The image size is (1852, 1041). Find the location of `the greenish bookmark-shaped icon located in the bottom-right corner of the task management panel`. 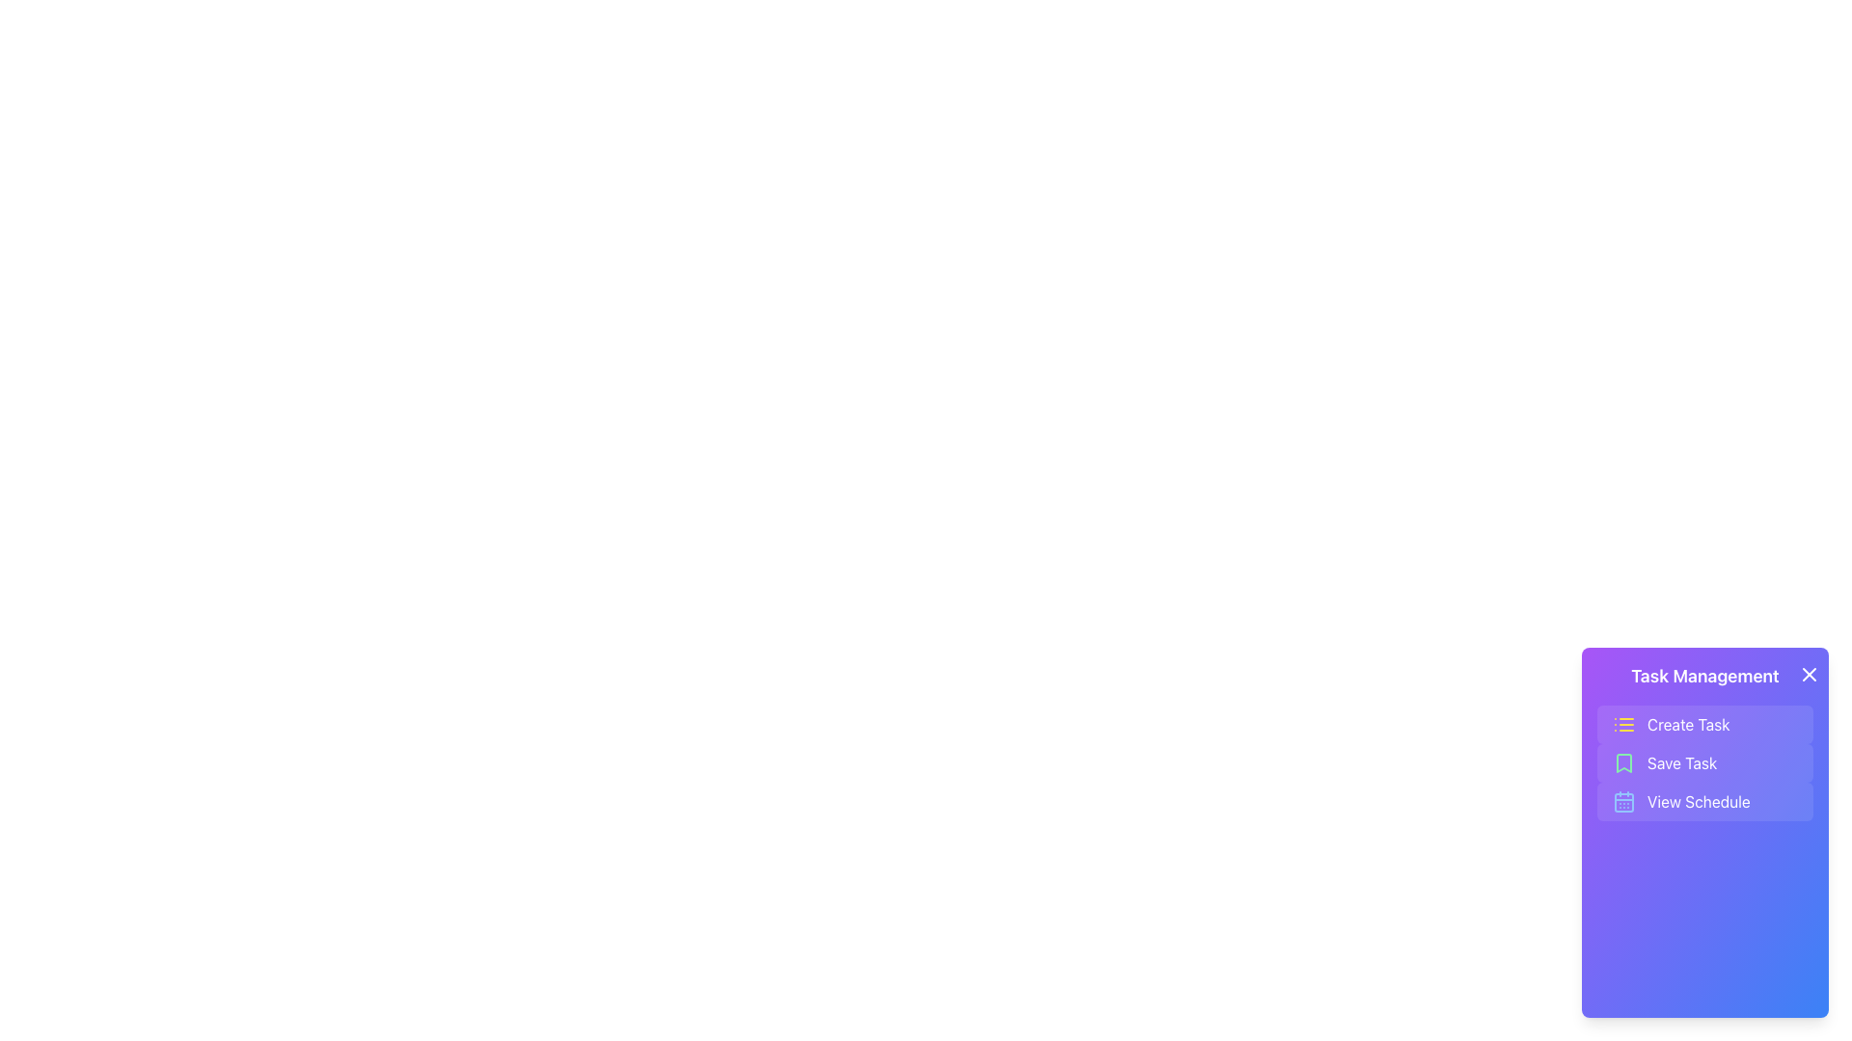

the greenish bookmark-shaped icon located in the bottom-right corner of the task management panel is located at coordinates (1623, 761).